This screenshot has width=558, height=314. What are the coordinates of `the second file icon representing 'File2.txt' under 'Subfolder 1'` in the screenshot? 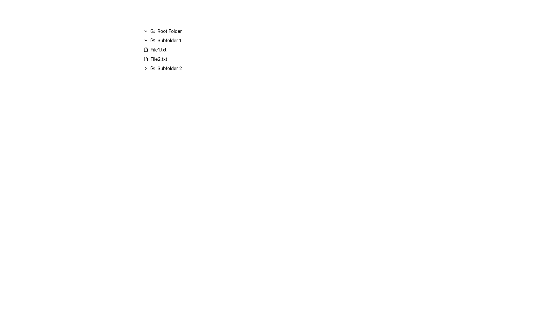 It's located at (146, 59).